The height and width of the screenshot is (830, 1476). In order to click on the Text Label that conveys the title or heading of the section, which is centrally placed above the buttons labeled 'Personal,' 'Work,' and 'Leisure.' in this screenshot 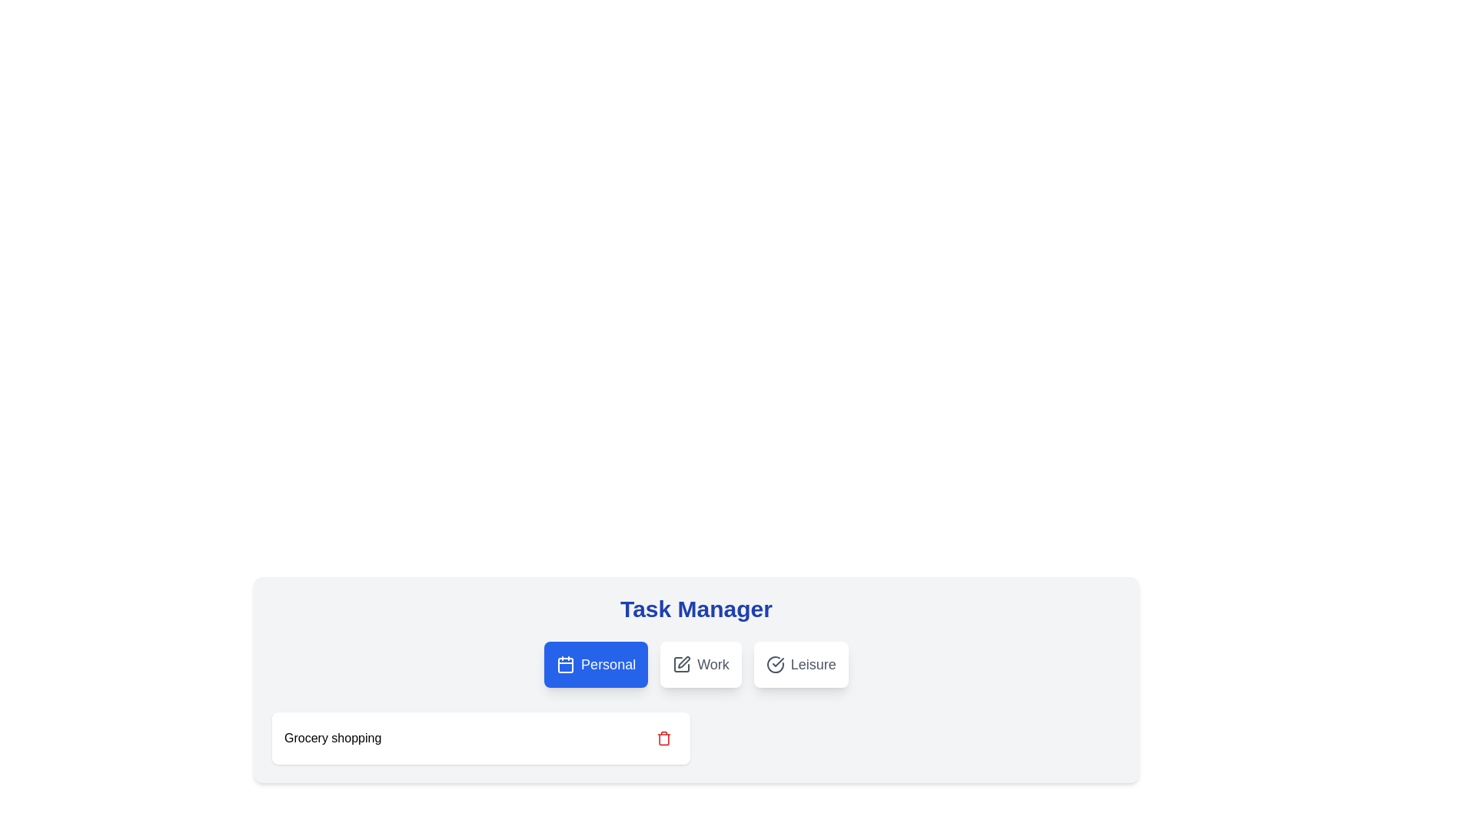, I will do `click(696, 609)`.